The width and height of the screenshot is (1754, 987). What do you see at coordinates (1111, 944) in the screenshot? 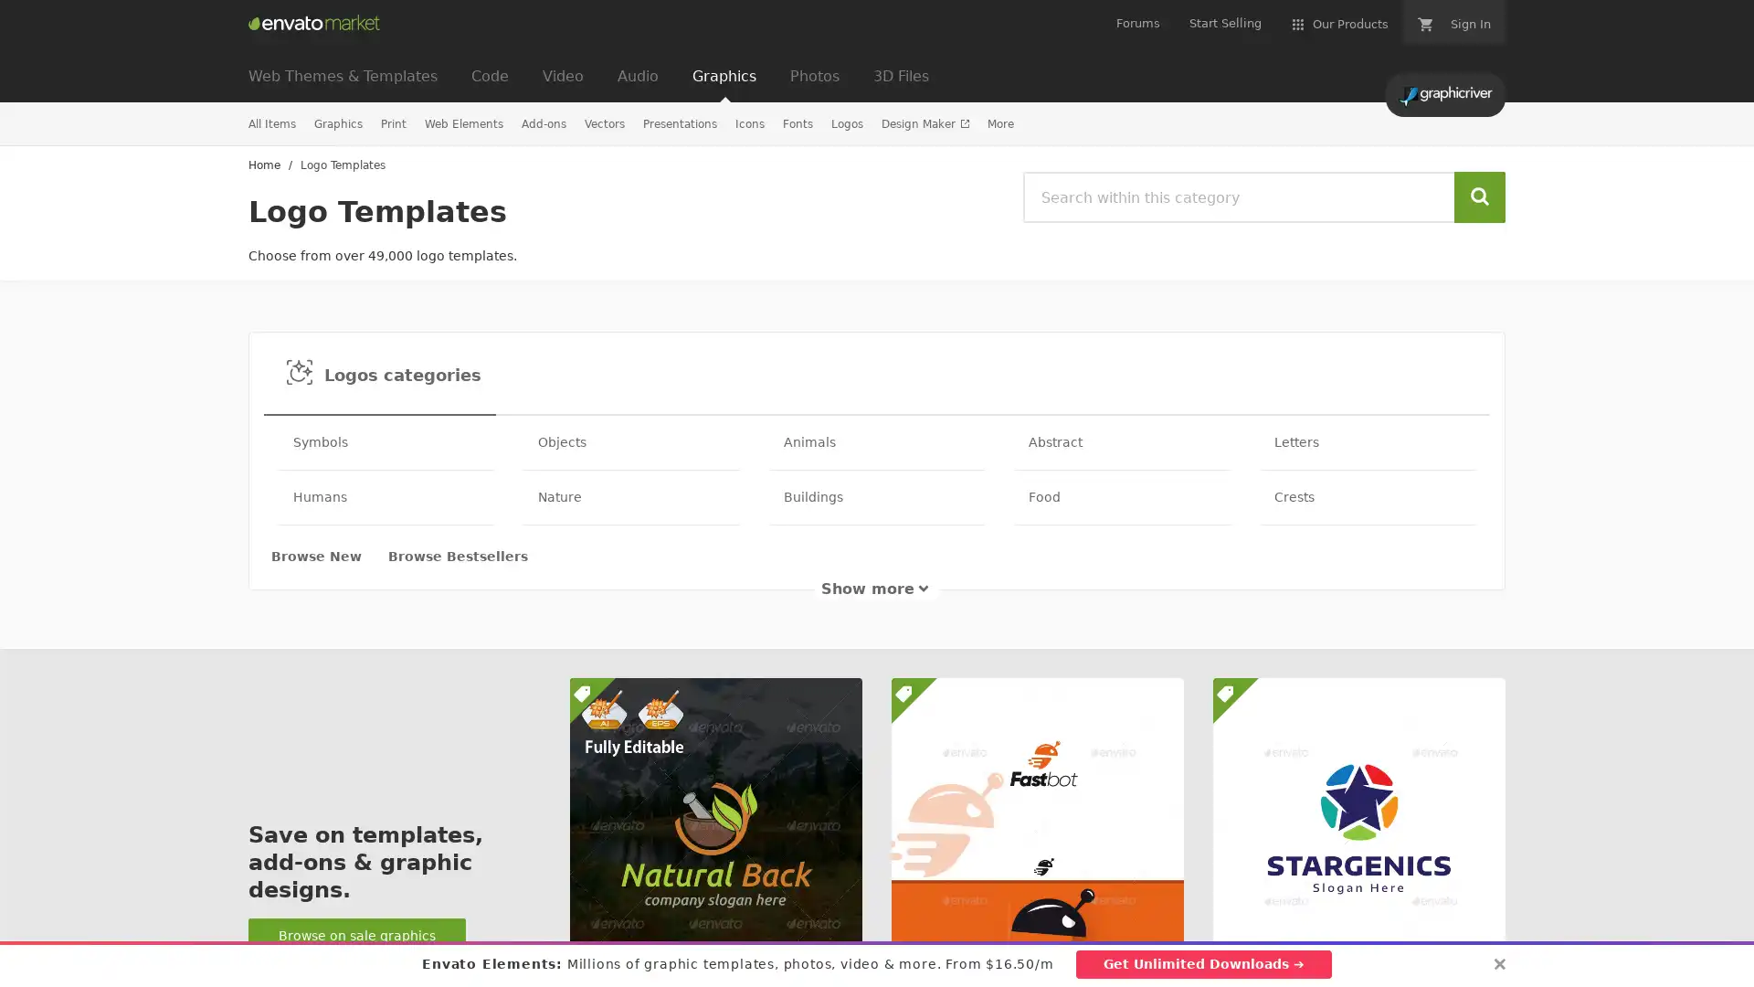
I see `Add to collection` at bounding box center [1111, 944].